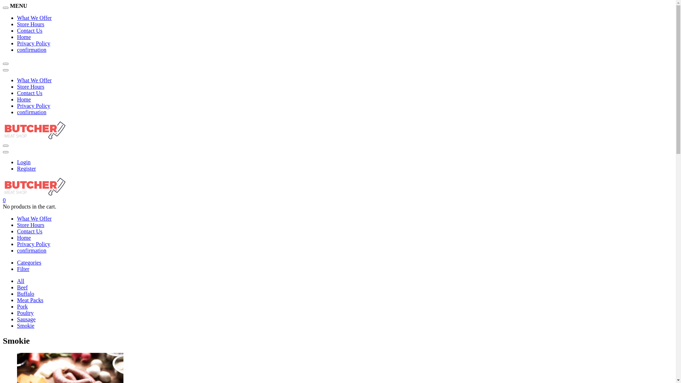 This screenshot has width=681, height=383. I want to click on 'confirmation', so click(31, 112).